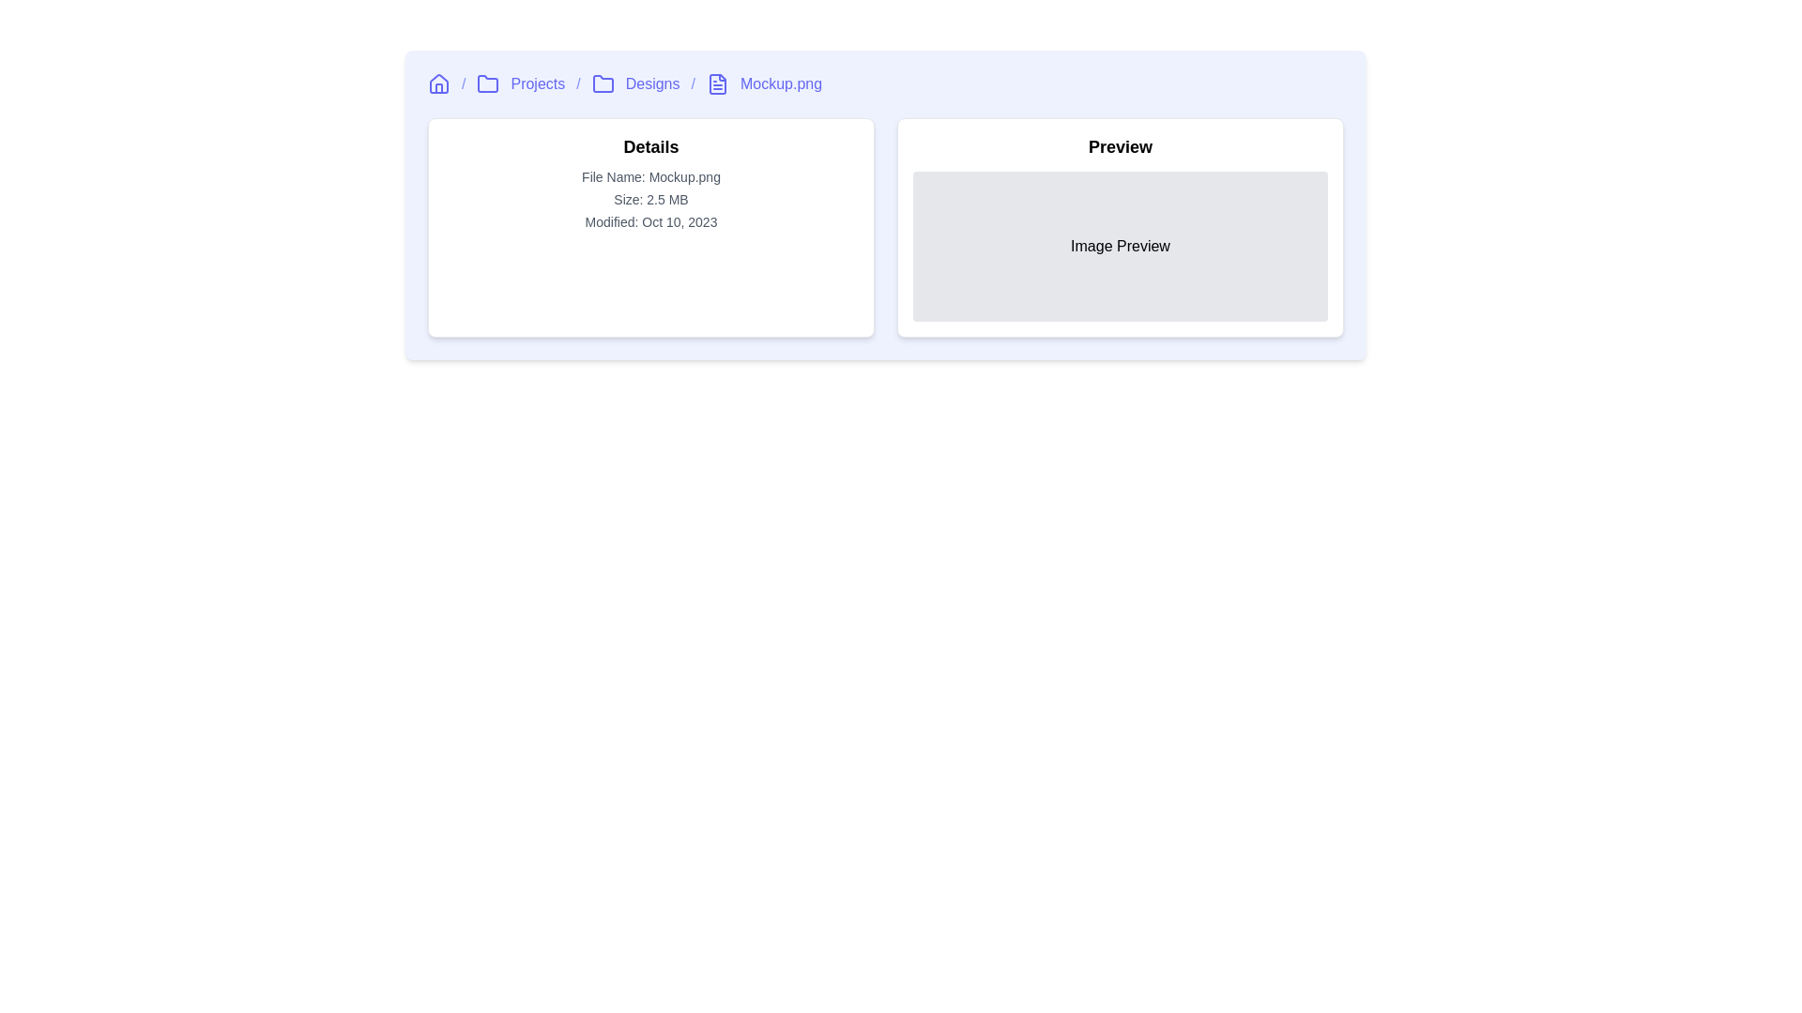  I want to click on the folder icon located in the top navigation bar, situated between the 'Home' icon and other navigation icons, so click(603, 83).